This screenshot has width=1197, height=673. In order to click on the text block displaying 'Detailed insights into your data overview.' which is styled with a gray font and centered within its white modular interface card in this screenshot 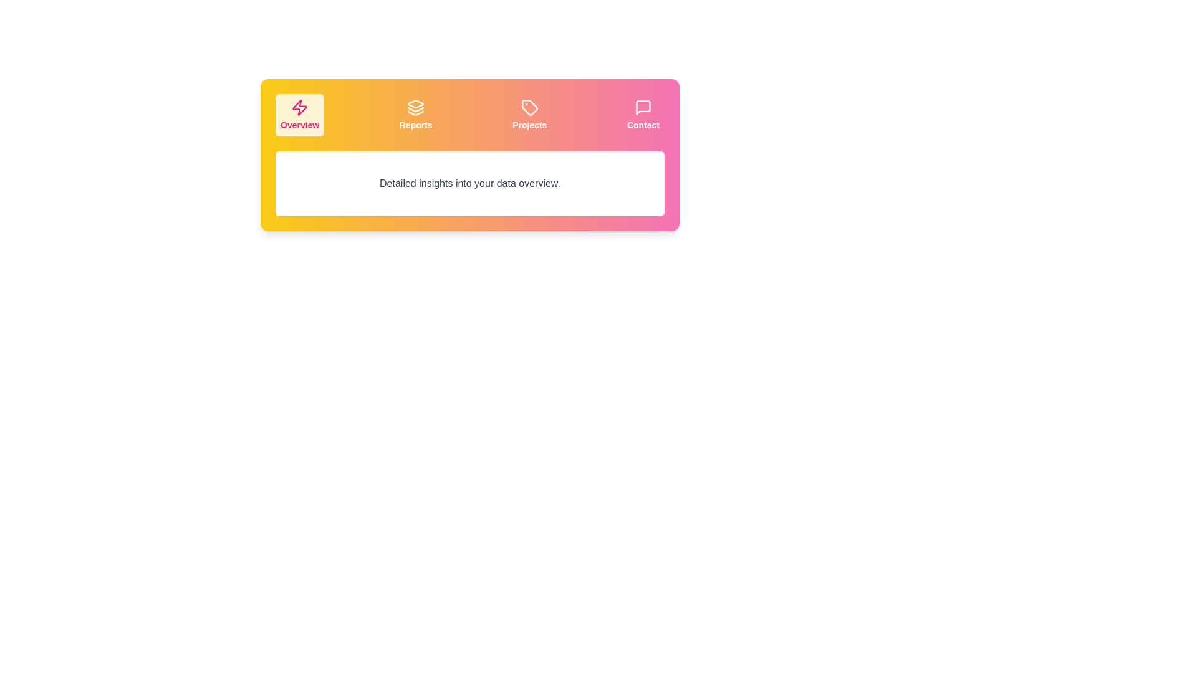, I will do `click(469, 183)`.